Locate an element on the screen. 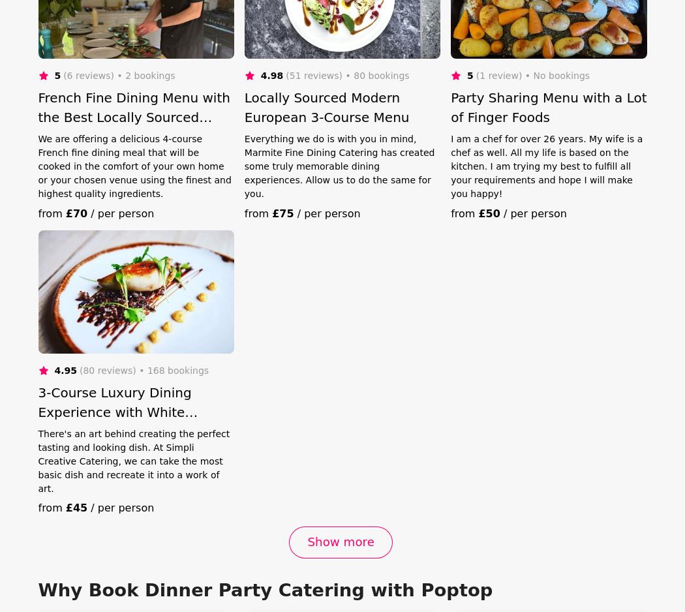 The image size is (685, 612). '4.95' is located at coordinates (65, 370).